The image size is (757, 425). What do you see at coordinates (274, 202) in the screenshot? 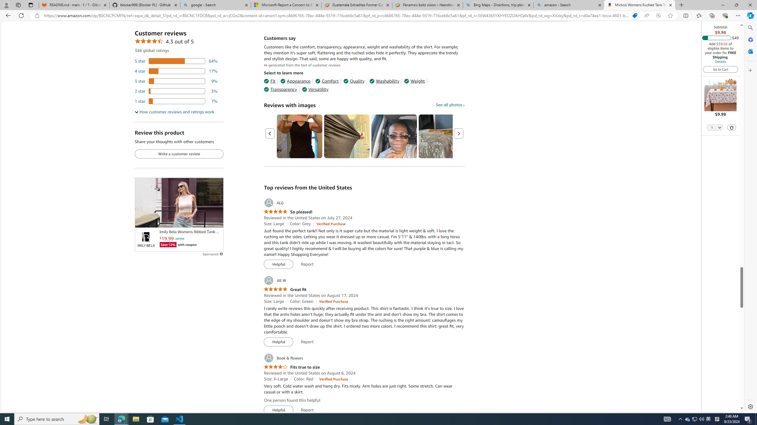
I see `'ALG'` at bounding box center [274, 202].